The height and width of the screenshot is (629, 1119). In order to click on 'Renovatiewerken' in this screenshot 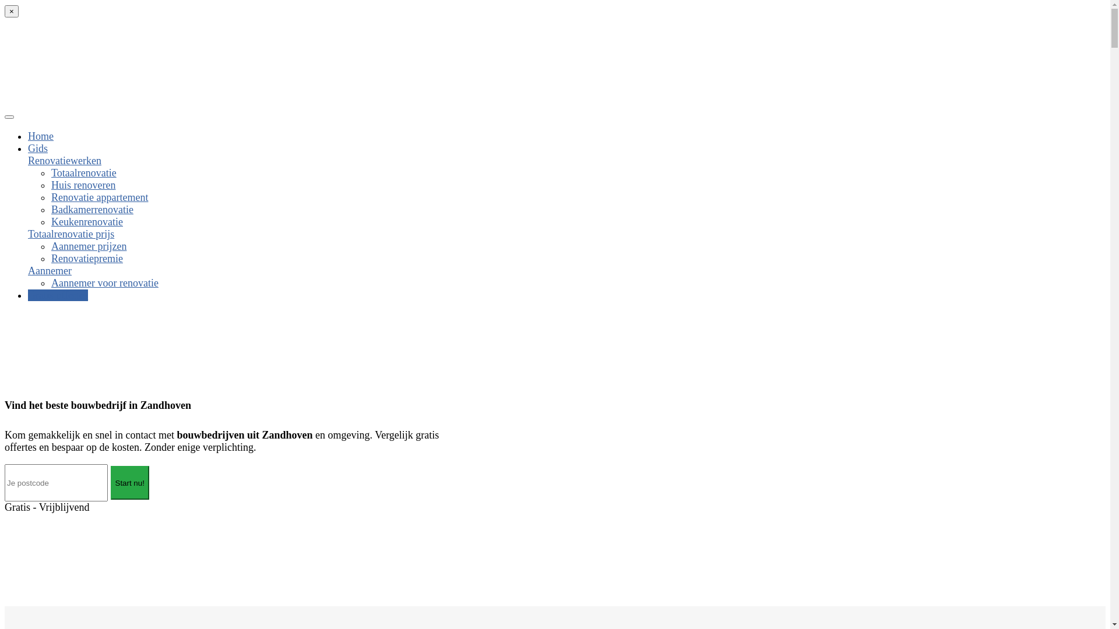, I will do `click(64, 161)`.